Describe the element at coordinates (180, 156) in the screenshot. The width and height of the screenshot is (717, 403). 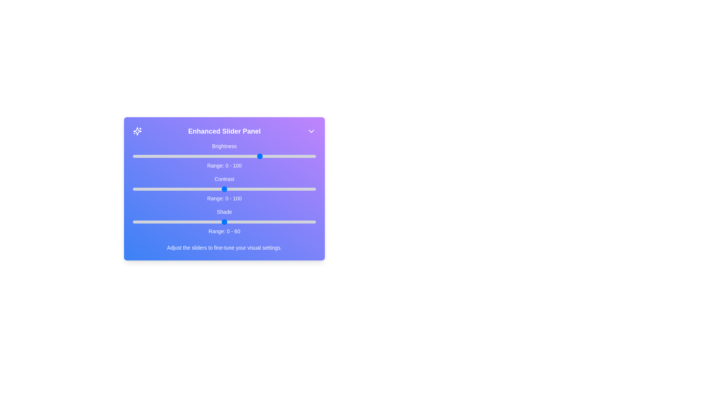
I see `the 0 slider to 26` at that location.